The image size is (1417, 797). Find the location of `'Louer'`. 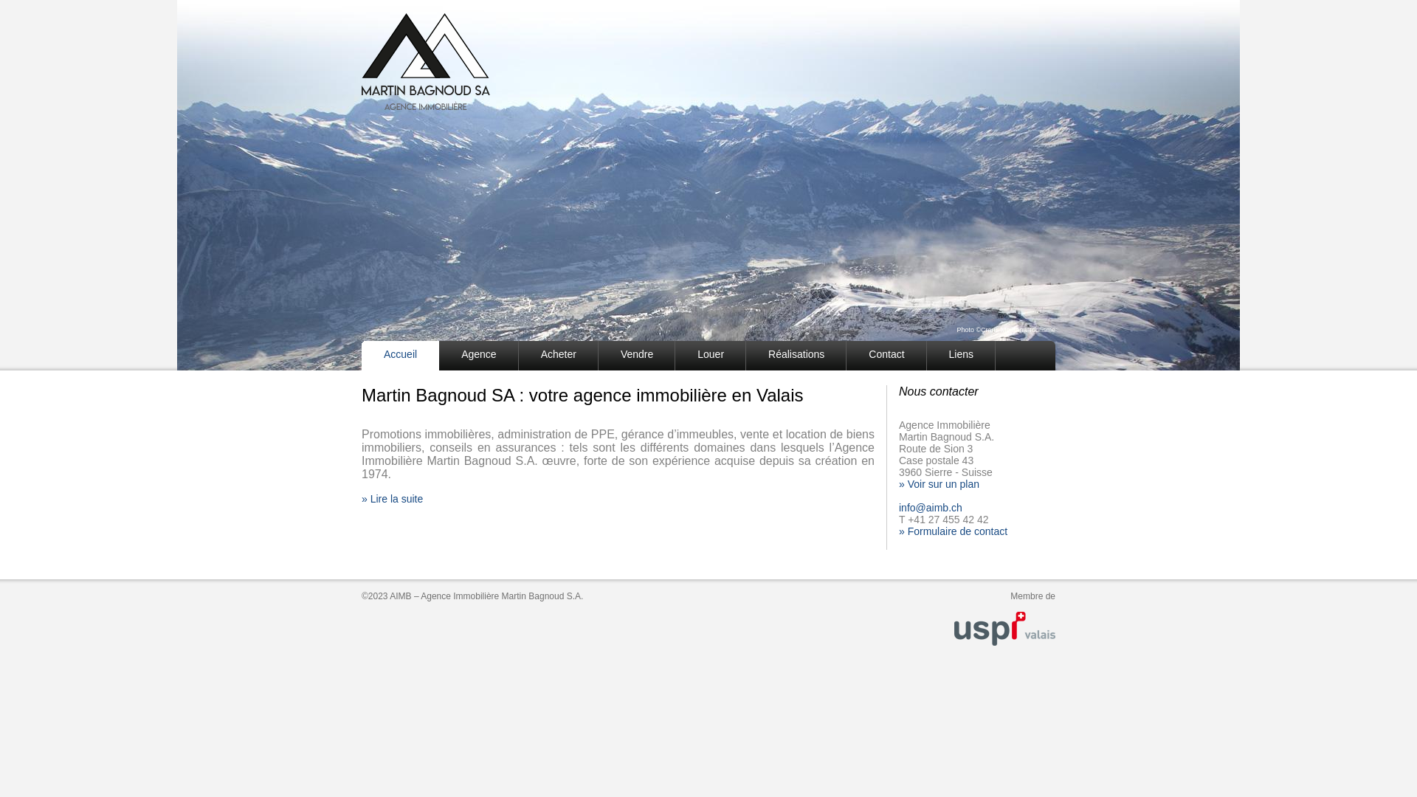

'Louer' is located at coordinates (675, 356).